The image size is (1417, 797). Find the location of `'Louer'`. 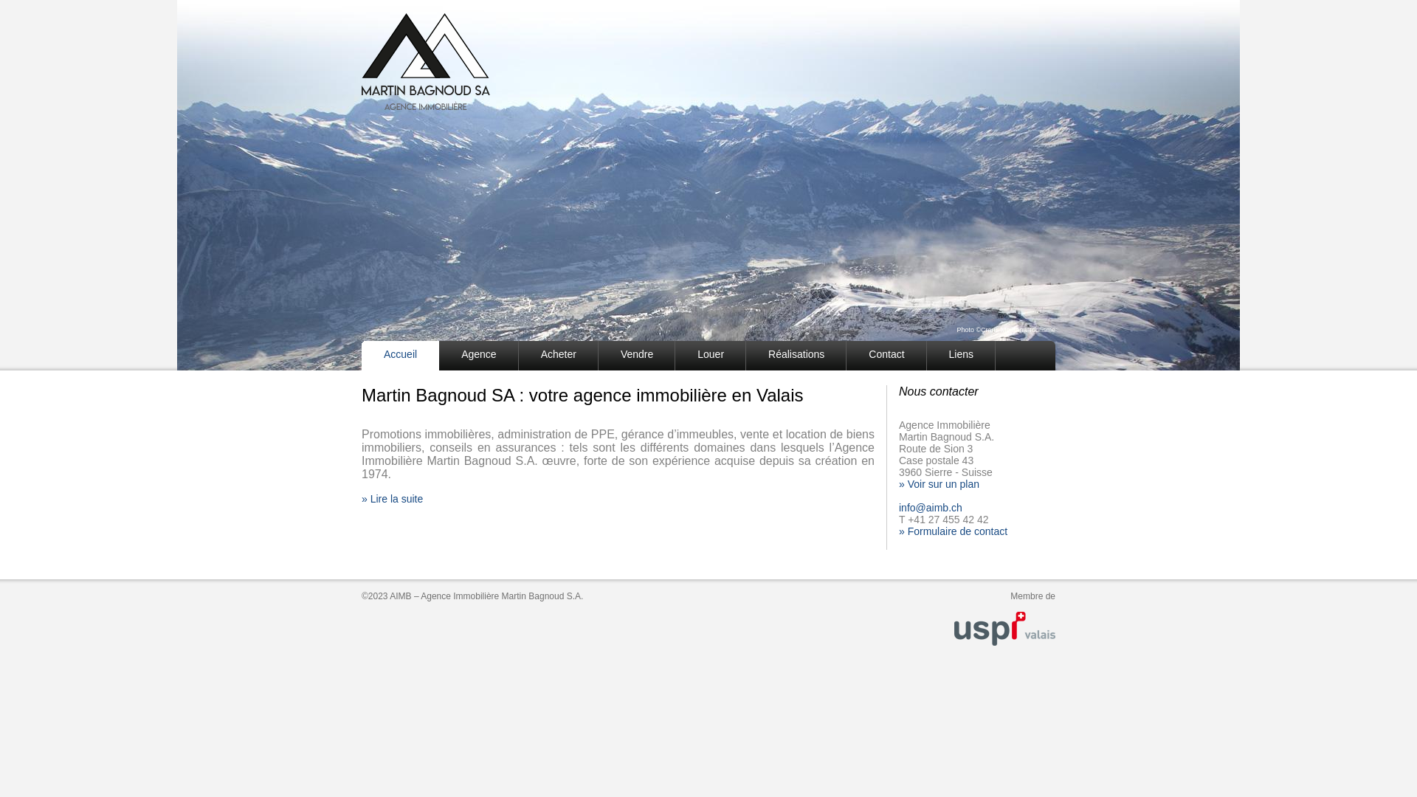

'Louer' is located at coordinates (675, 356).